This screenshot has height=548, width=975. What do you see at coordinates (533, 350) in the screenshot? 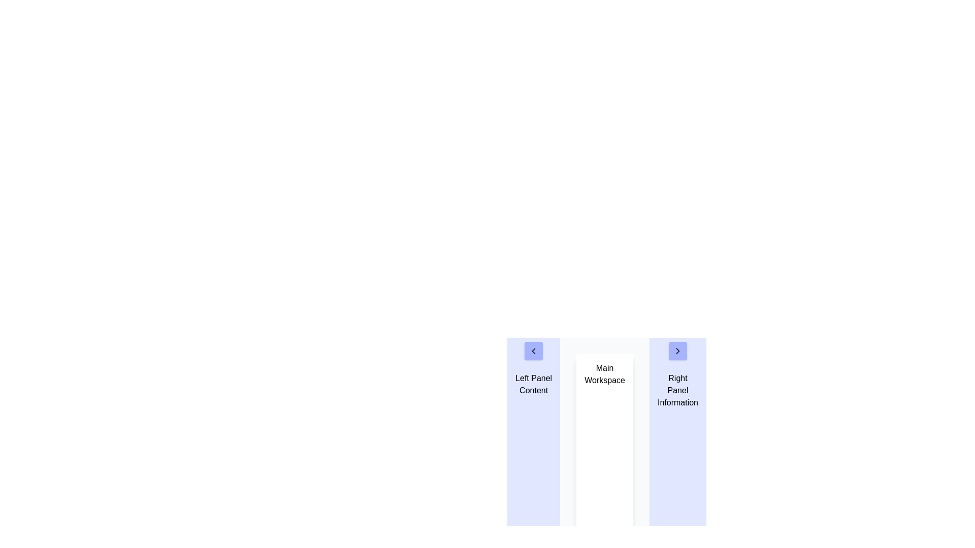
I see `the left-pointing chevron icon button located at the top-left of the left-side panel` at bounding box center [533, 350].